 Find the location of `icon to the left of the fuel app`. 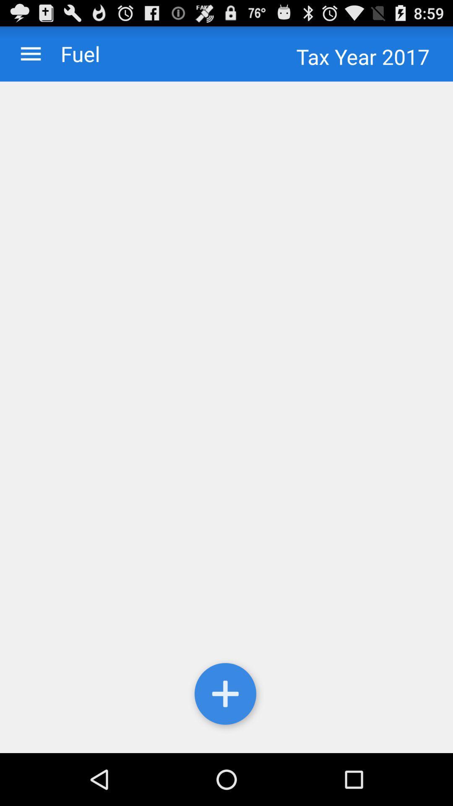

icon to the left of the fuel app is located at coordinates (30, 53).